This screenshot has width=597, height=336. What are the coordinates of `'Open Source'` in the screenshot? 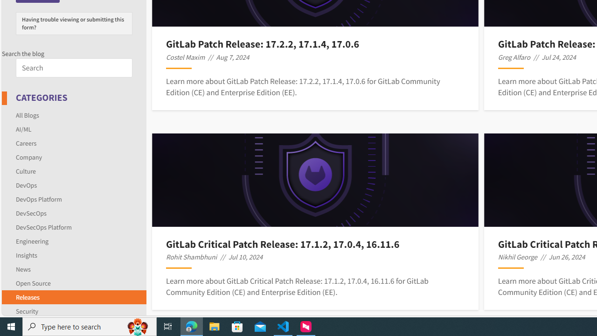 It's located at (33, 282).